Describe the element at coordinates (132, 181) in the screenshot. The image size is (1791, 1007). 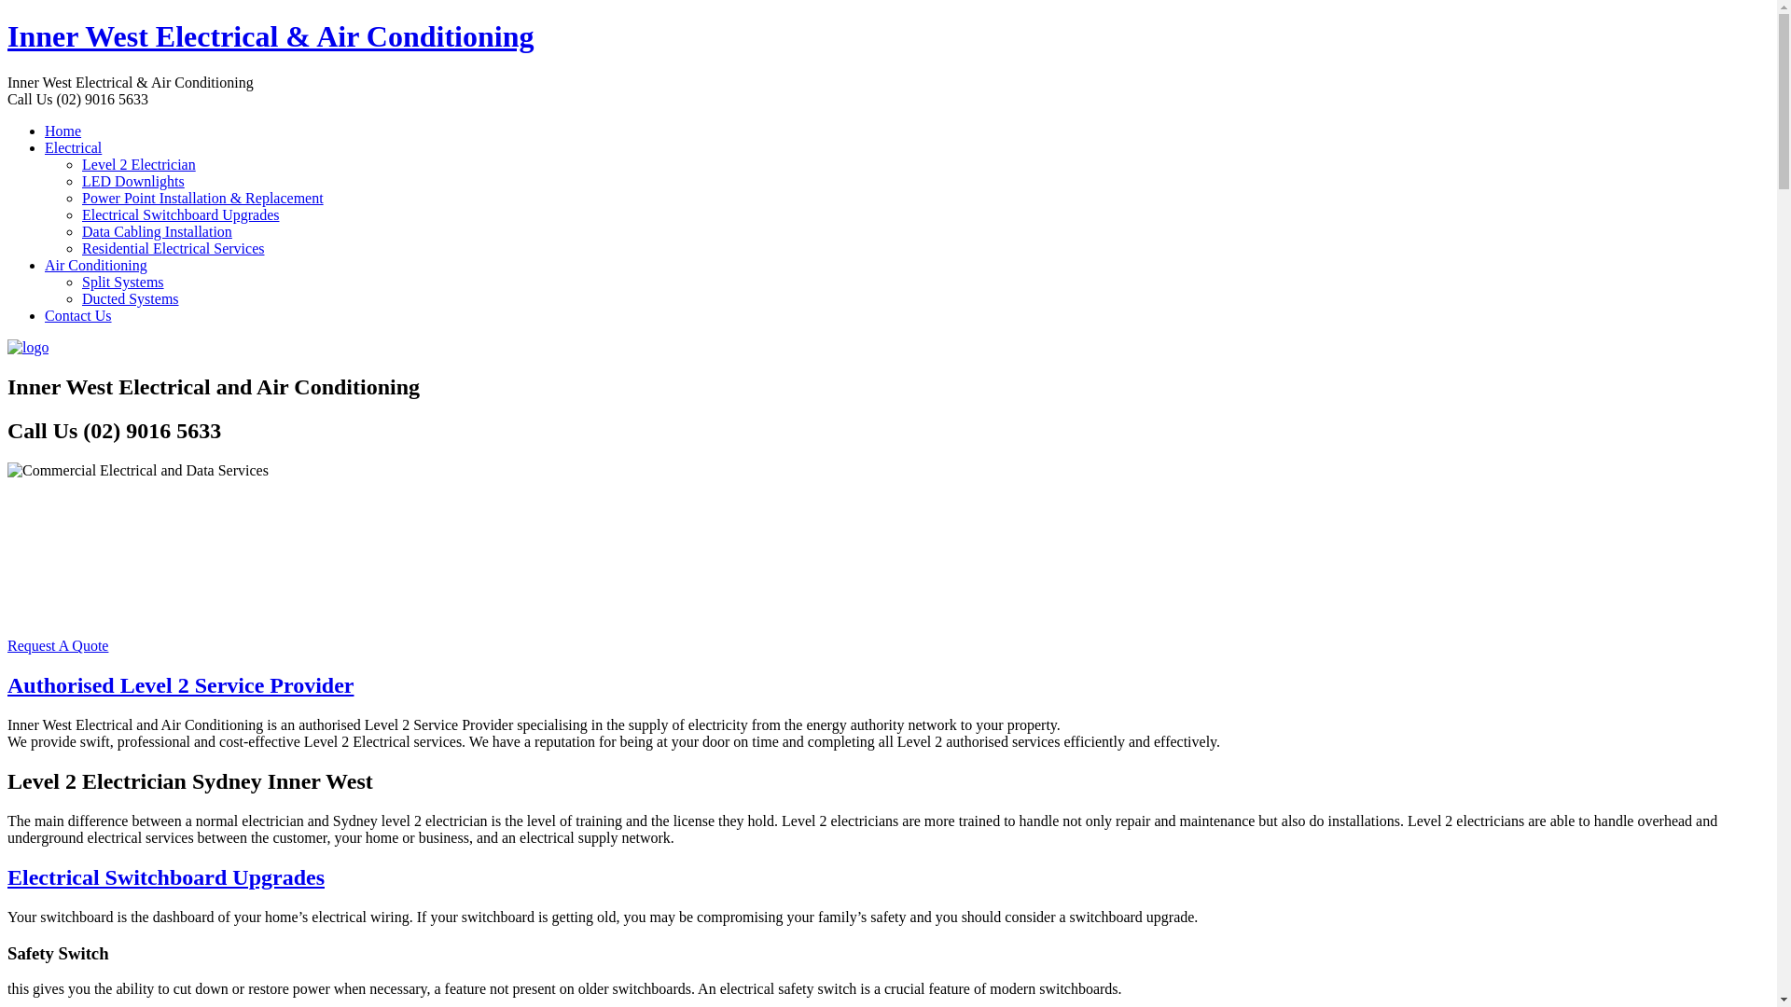
I see `'LED Downlights'` at that location.